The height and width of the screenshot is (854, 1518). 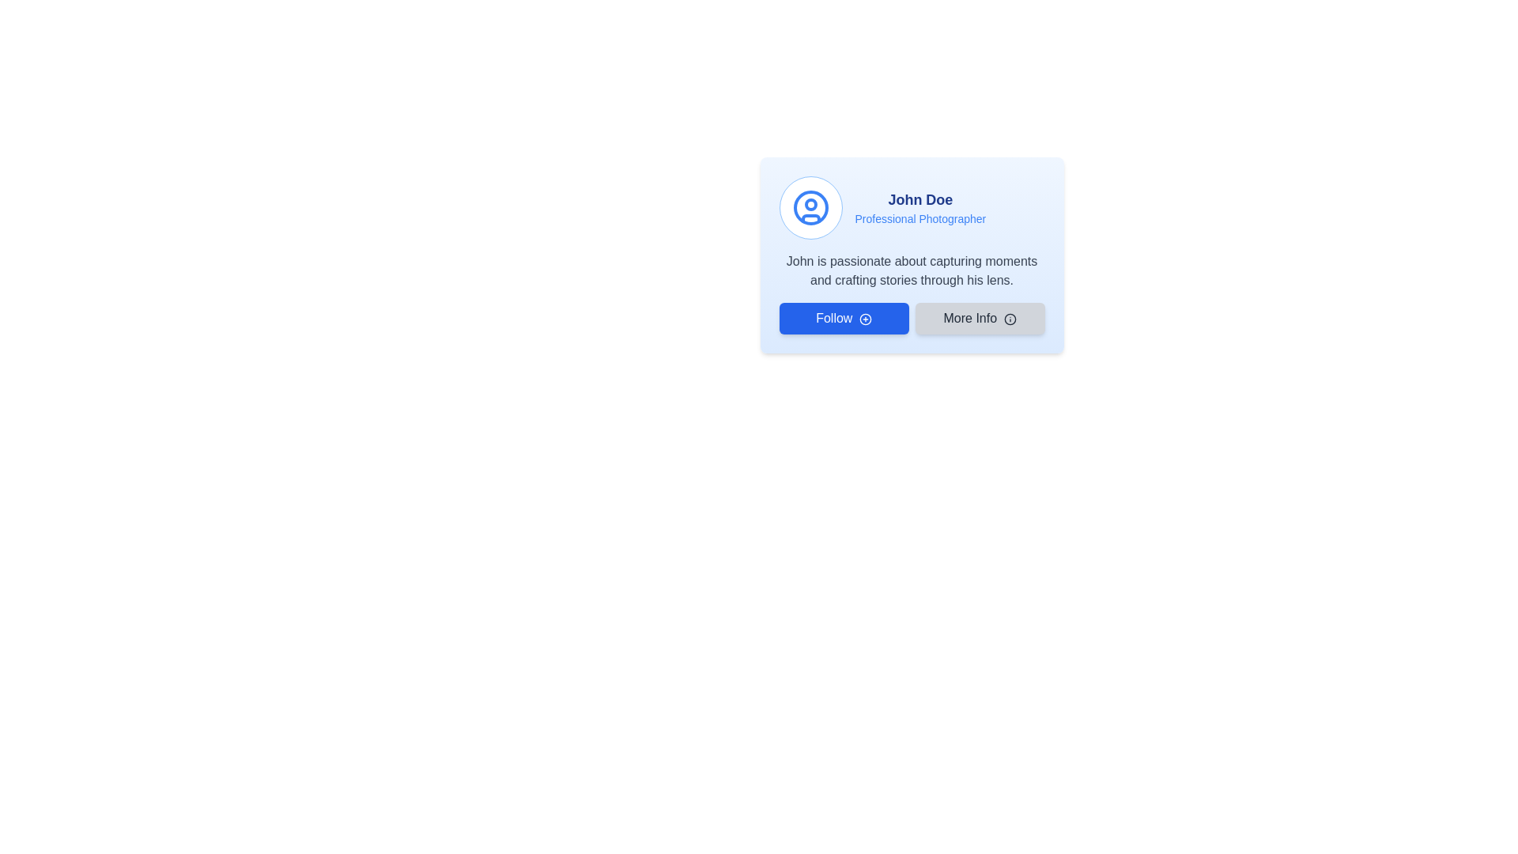 What do you see at coordinates (810, 206) in the screenshot?
I see `the circular blue ring that is part of the user profile icon located beside the name 'John Doe' and title 'Professional Photographer'` at bounding box center [810, 206].